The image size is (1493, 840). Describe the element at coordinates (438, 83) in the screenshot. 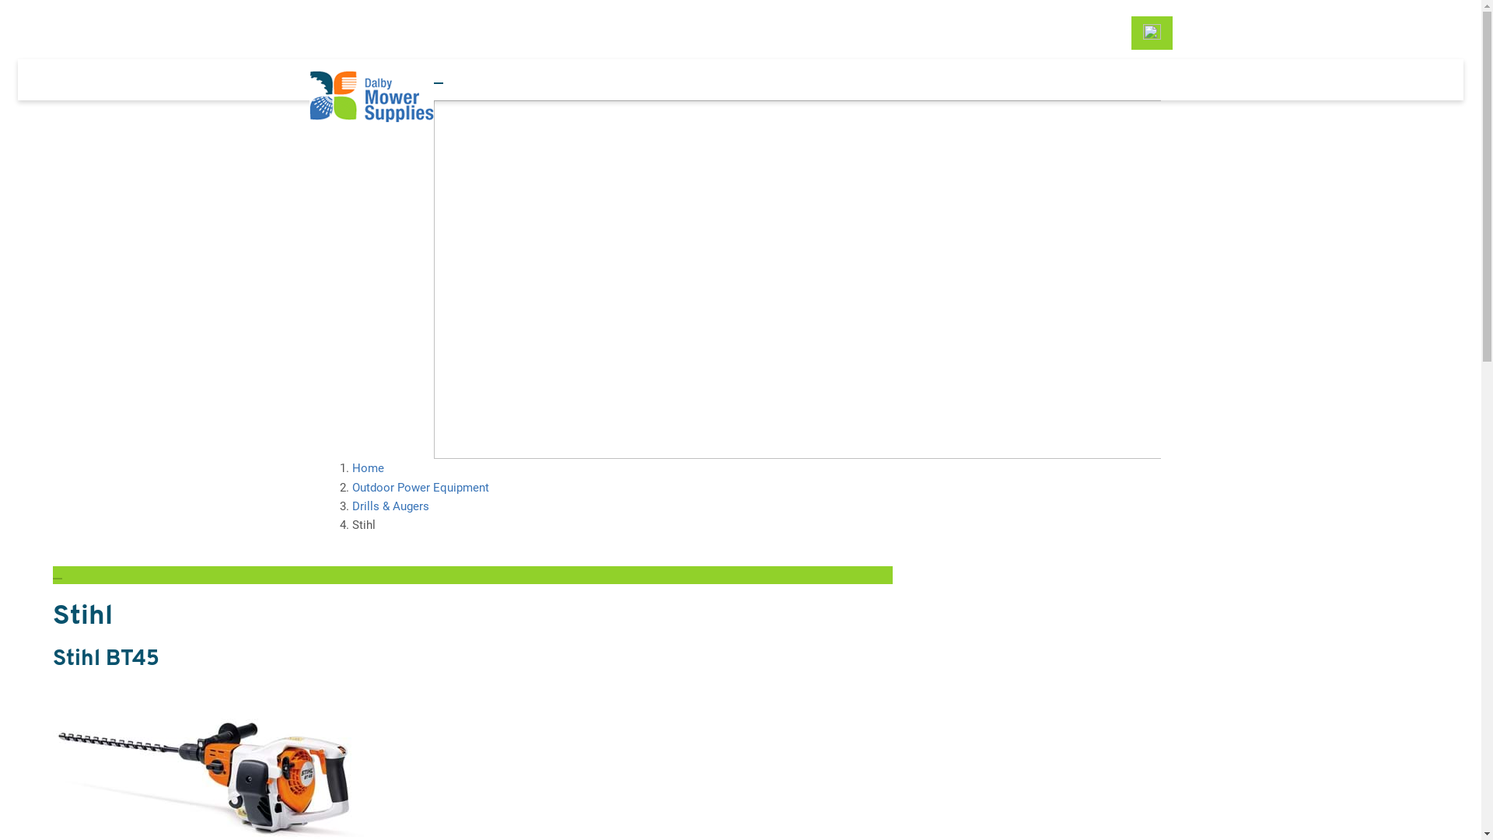

I see `'Toggle navigation'` at that location.